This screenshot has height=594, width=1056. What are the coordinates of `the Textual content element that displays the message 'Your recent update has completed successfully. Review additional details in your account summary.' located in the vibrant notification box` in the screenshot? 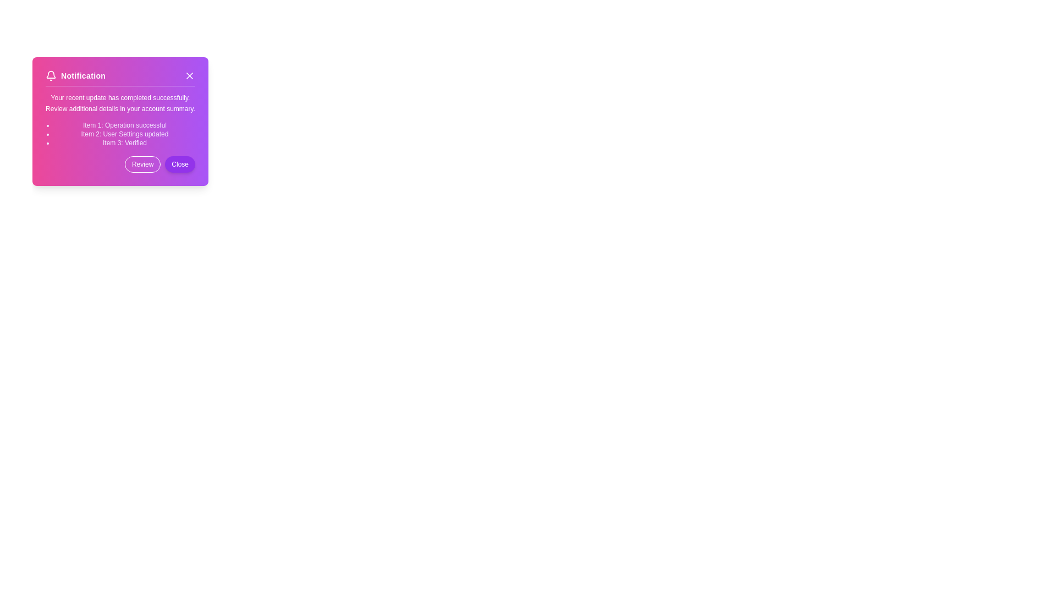 It's located at (120, 103).